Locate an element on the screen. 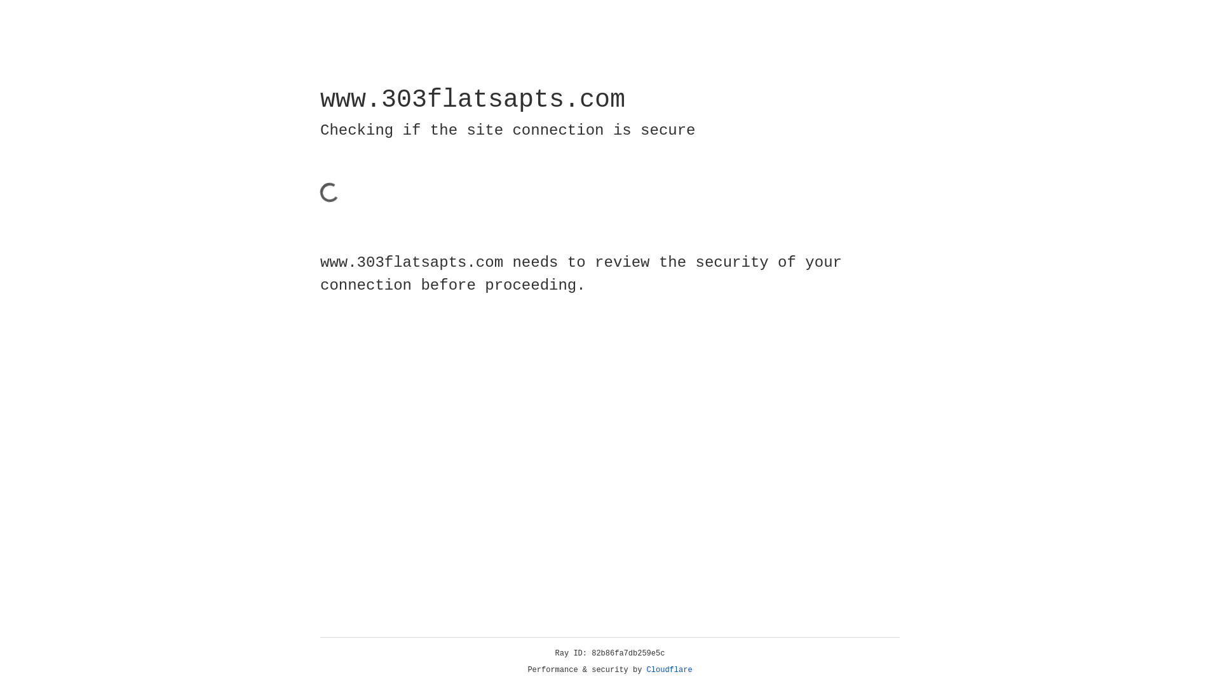 The image size is (1220, 686). 'Cloudflare' is located at coordinates (669, 669).